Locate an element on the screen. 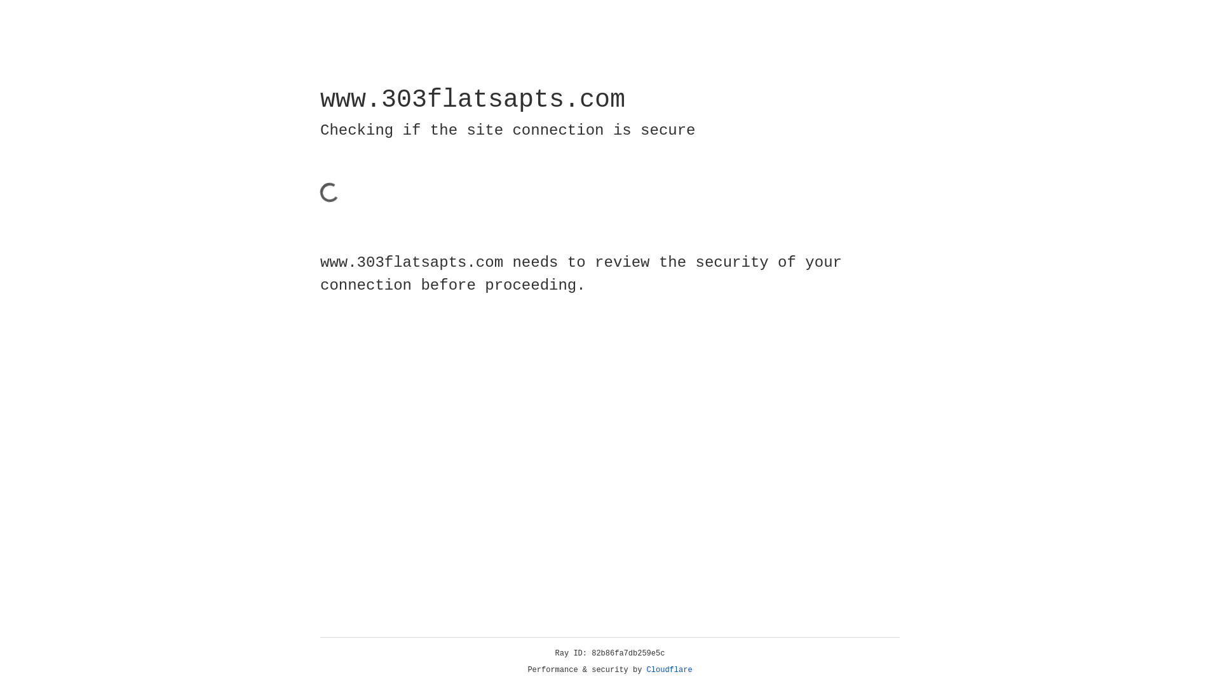 The image size is (1220, 686). 'Cloudflare' is located at coordinates (669, 669).